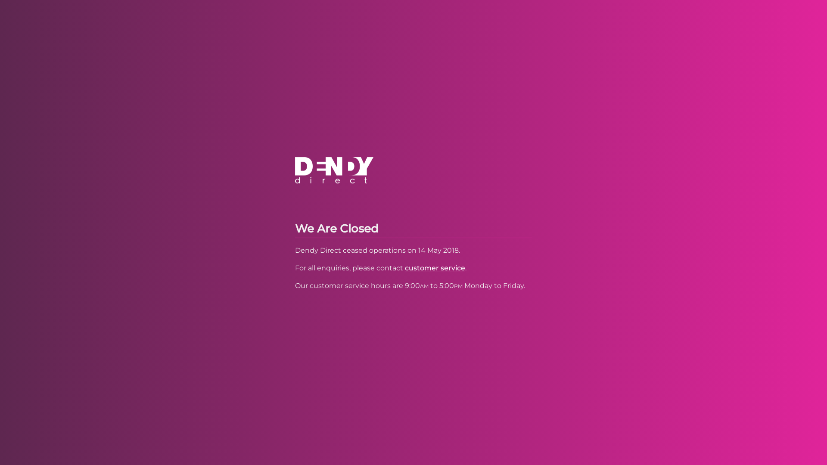 The image size is (827, 465). What do you see at coordinates (435, 267) in the screenshot?
I see `'customer service'` at bounding box center [435, 267].